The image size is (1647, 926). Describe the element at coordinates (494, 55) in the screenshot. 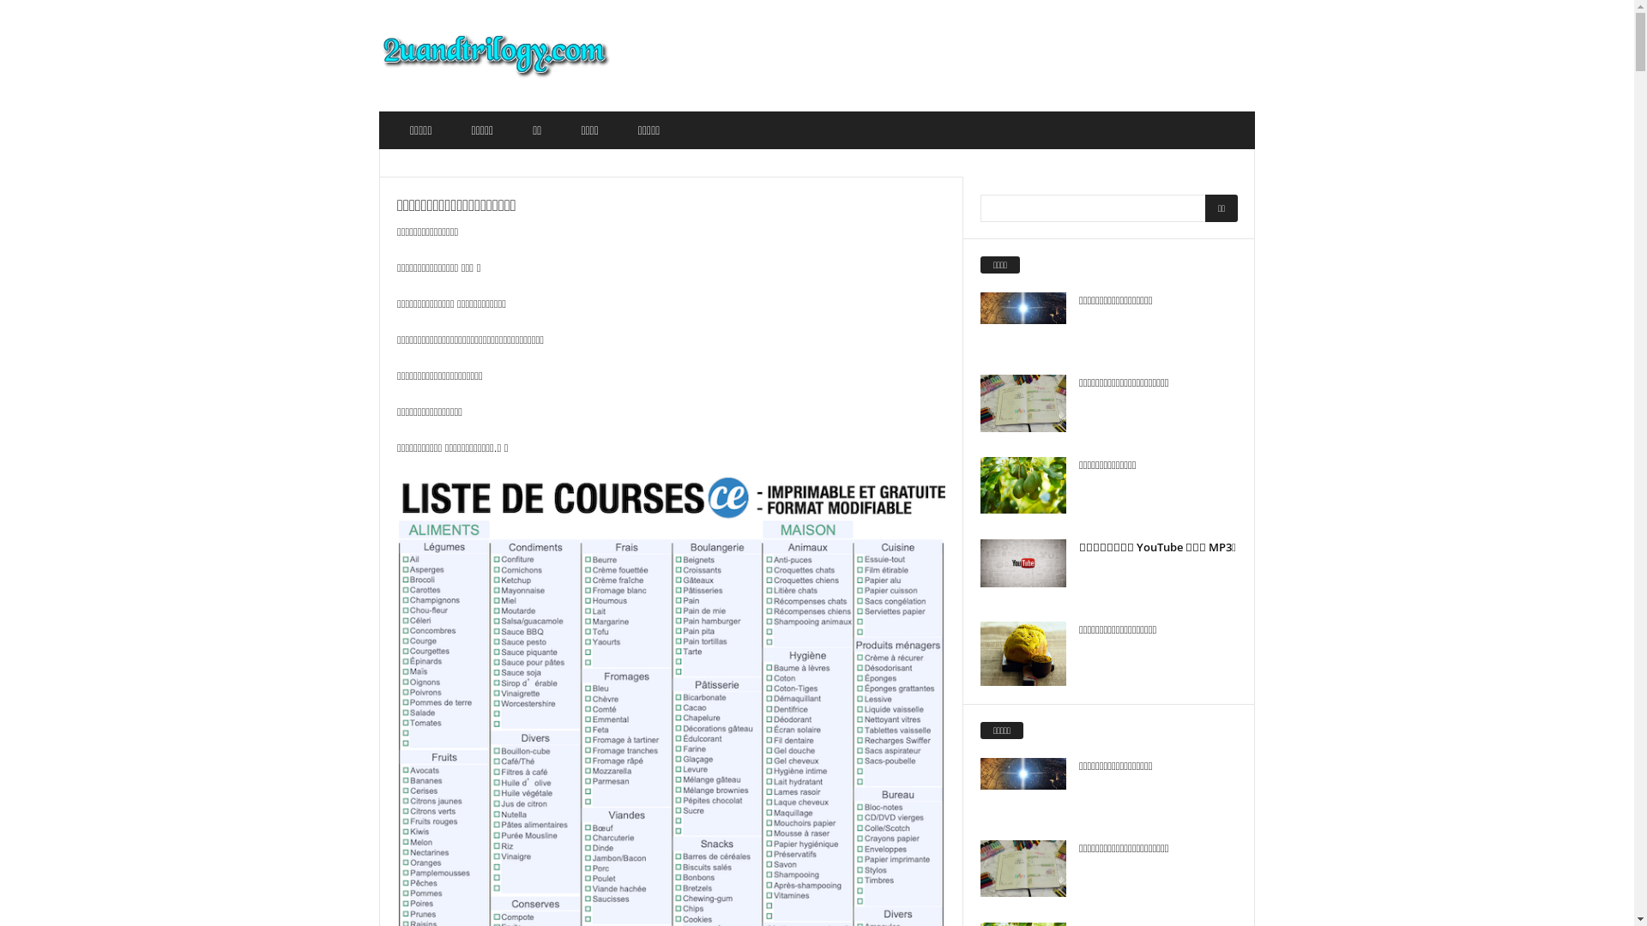

I see `'2uandtrilogy.com'` at that location.